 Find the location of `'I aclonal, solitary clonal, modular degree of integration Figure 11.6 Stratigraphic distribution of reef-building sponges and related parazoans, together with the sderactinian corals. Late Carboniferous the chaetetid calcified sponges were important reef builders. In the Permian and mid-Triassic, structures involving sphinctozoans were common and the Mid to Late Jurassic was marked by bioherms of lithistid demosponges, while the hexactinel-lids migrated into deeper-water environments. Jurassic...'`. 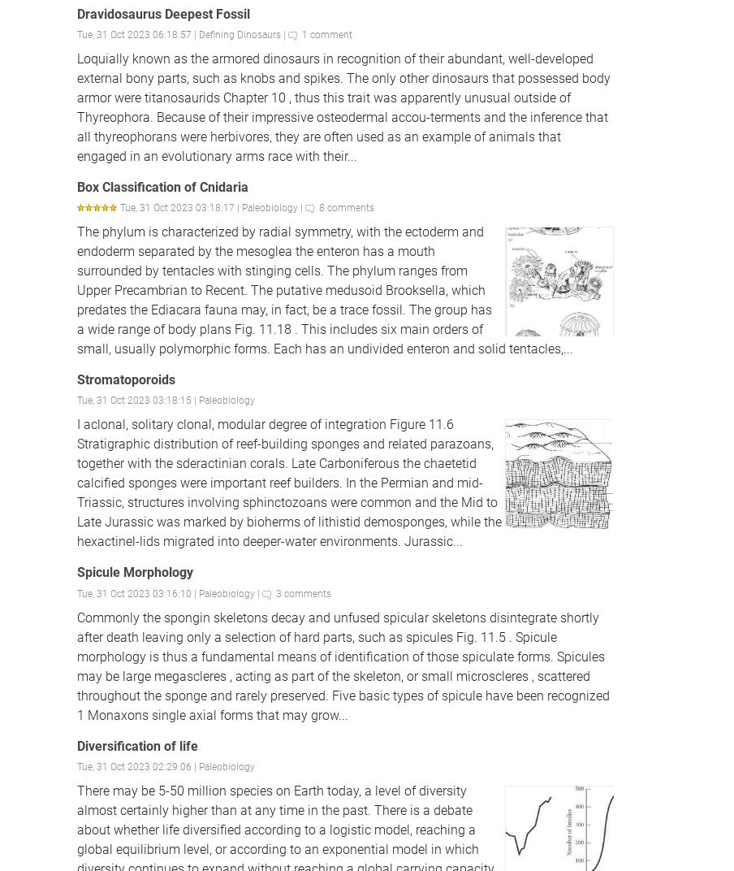

'I aclonal, solitary clonal, modular degree of integration Figure 11.6 Stratigraphic distribution of reef-building sponges and related parazoans, together with the sderactinian corals. Late Carboniferous the chaetetid calcified sponges were important reef builders. In the Permian and mid-Triassic, structures involving sphinctozoans were common and the Mid to Late Jurassic was marked by bioherms of lithistid demosponges, while the hexactinel-lids migrated into deeper-water environments. Jurassic...' is located at coordinates (288, 482).